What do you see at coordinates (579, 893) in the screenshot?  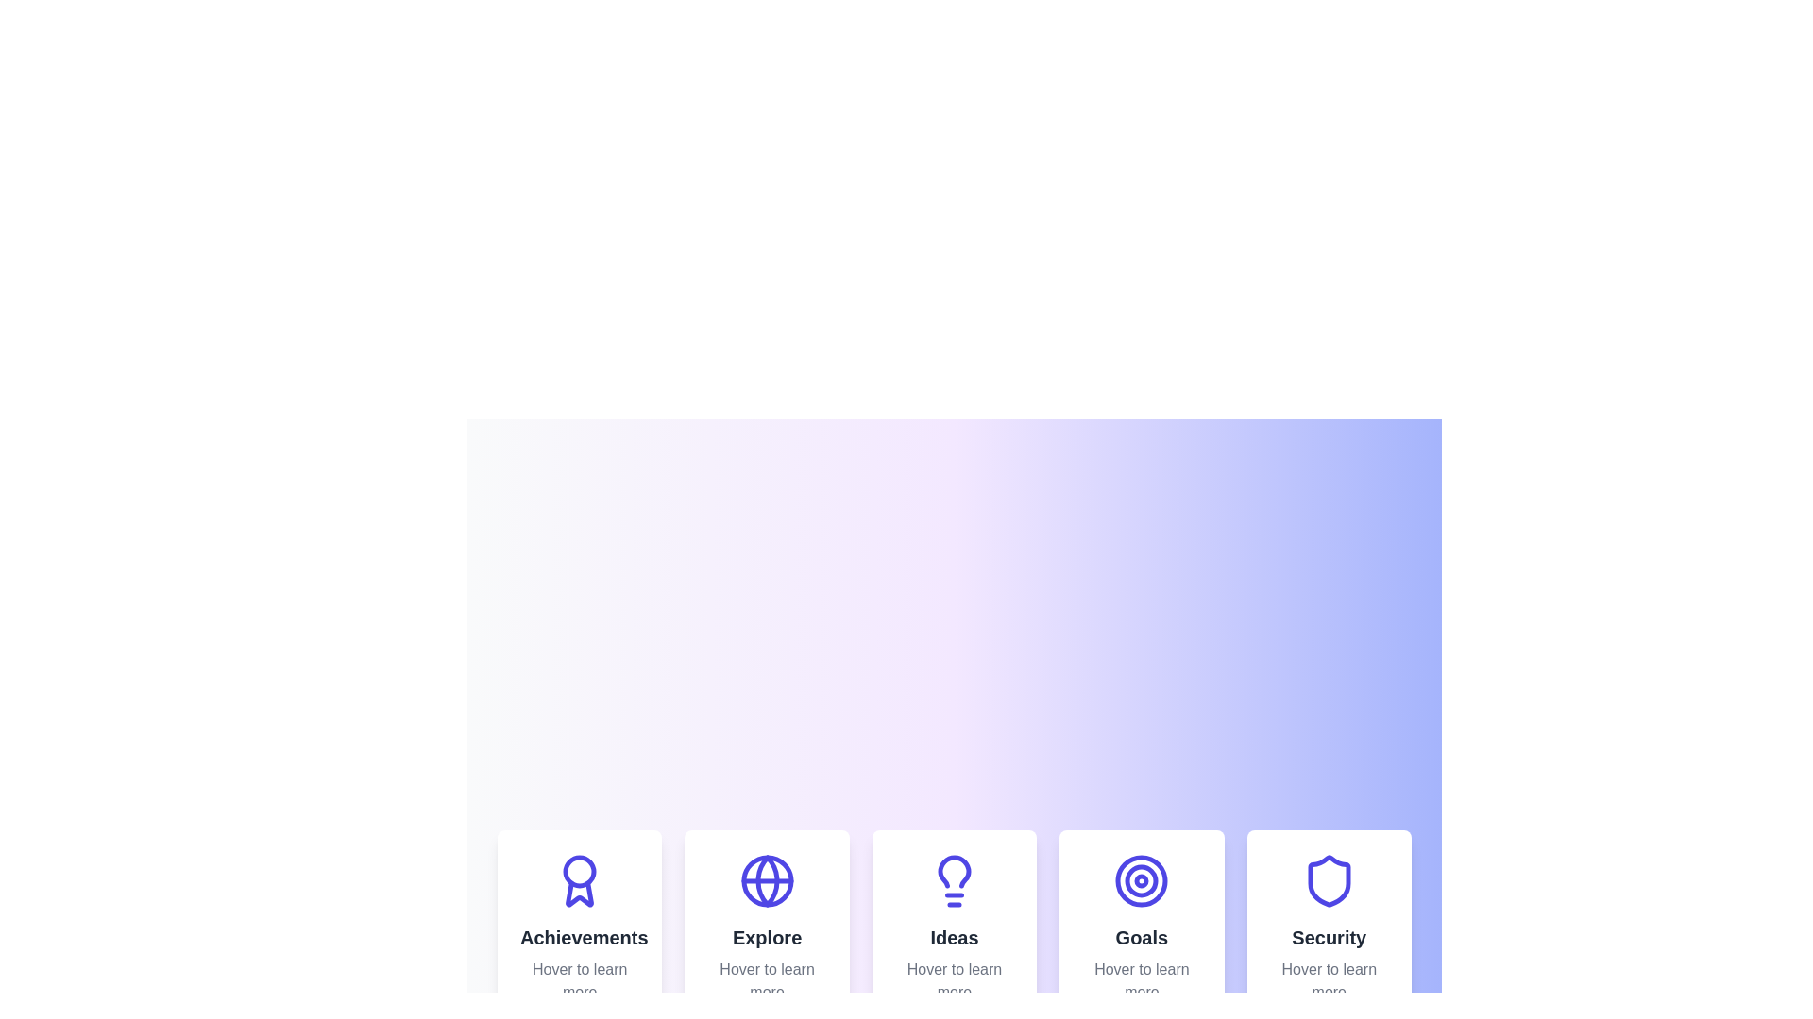 I see `the decorative SVG graphical component located at the bottom of the circular icon within the 'Achievements' card, which is the first card from the left in the bottom-most row` at bounding box center [579, 893].